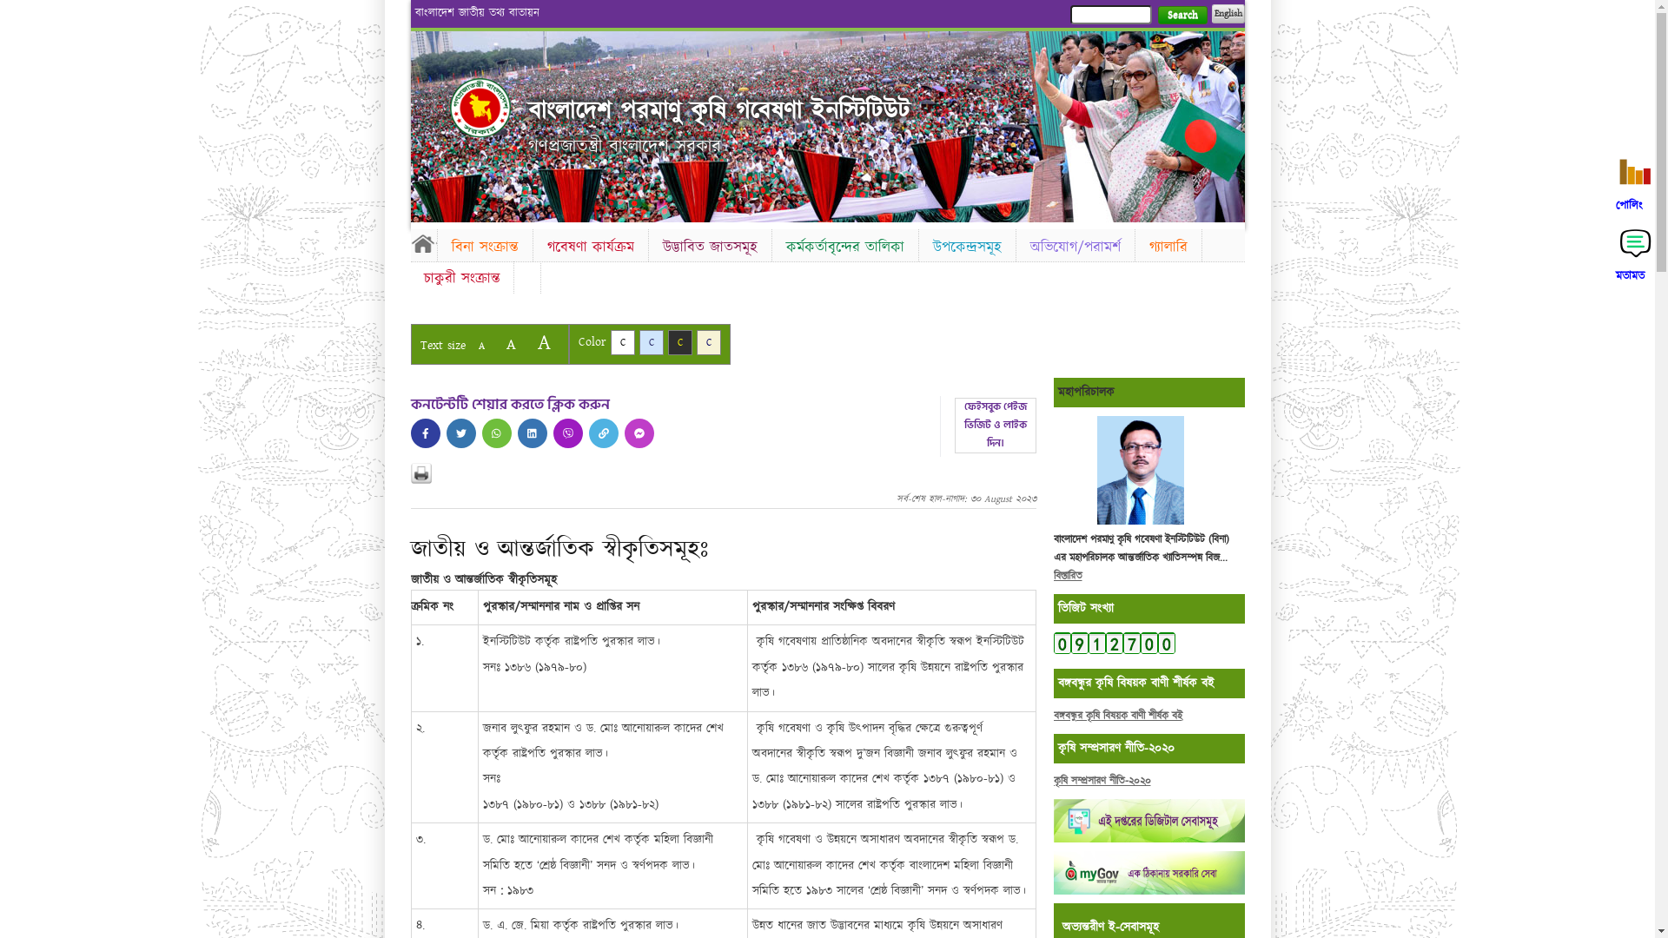 This screenshot has width=1668, height=938. Describe the element at coordinates (1181, 15) in the screenshot. I see `'Search'` at that location.